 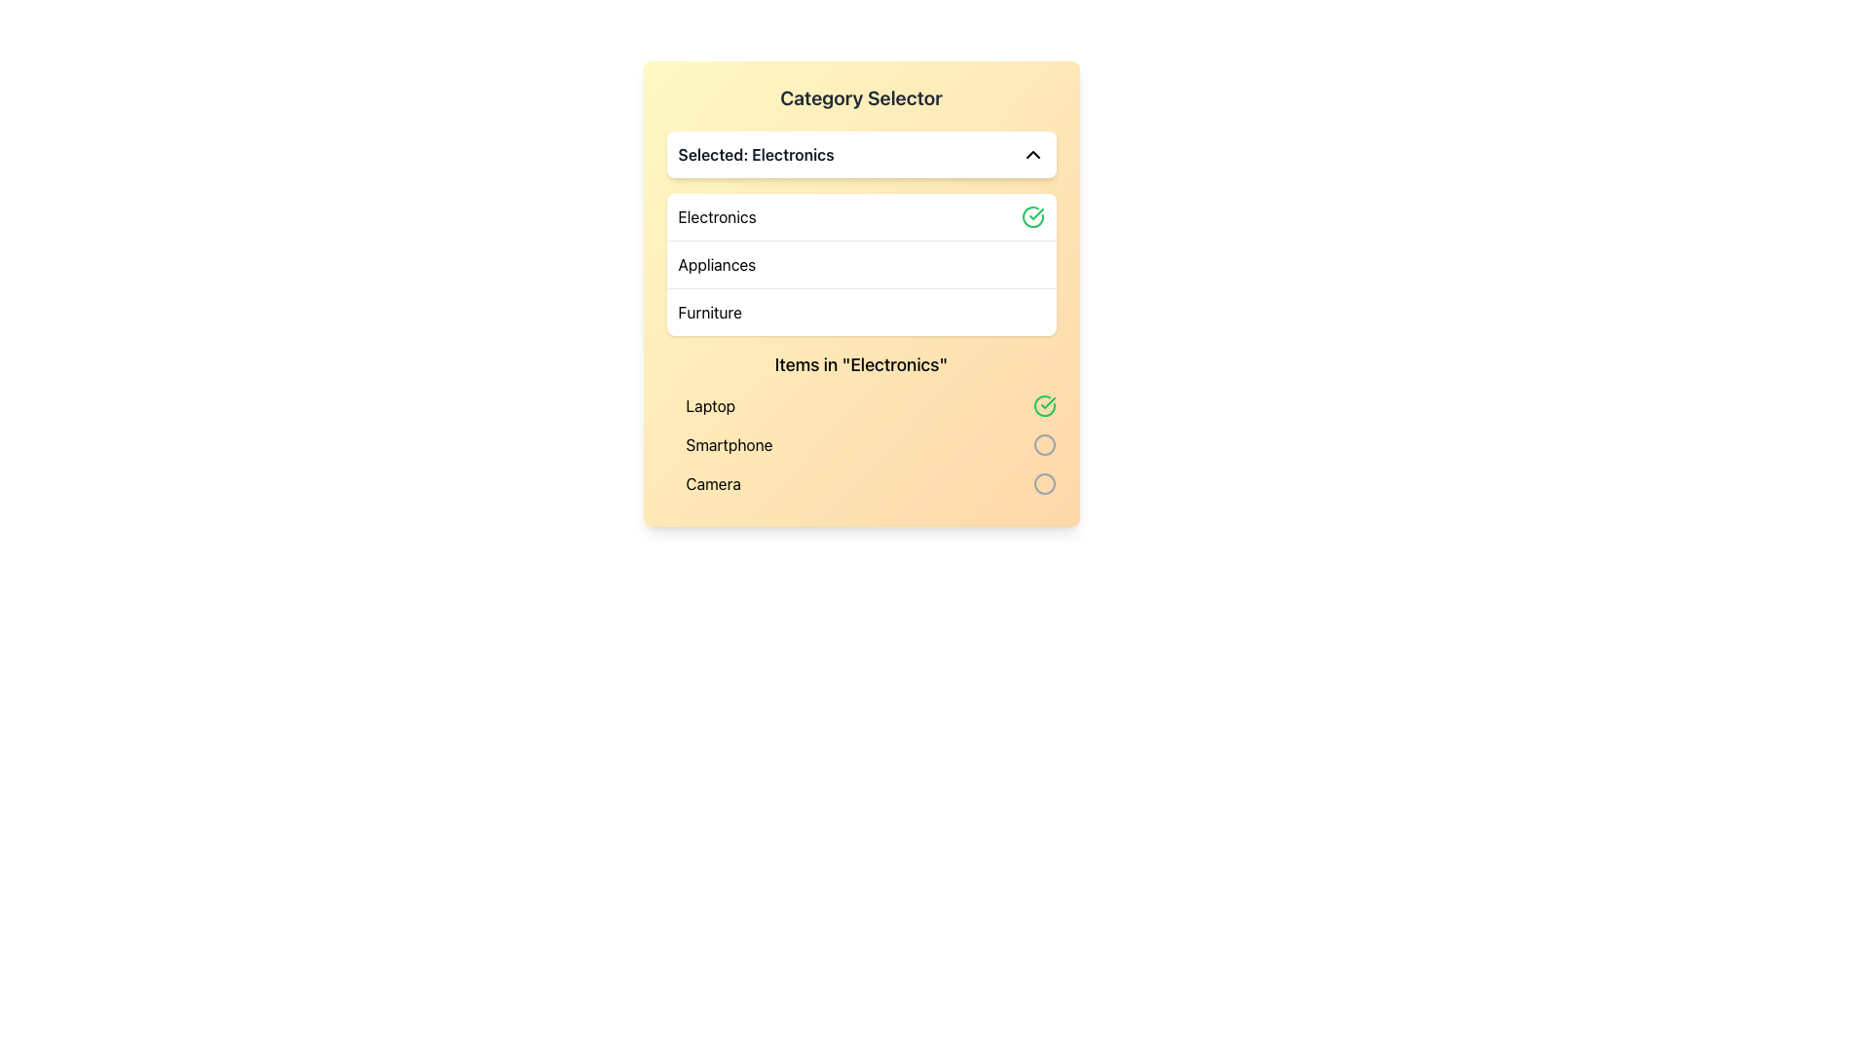 I want to click on the small upward-pointing chevron icon with a black stroke located at the far right of the 'Selected: Electronics' dropdown header to receive potential feedback, so click(x=1031, y=153).